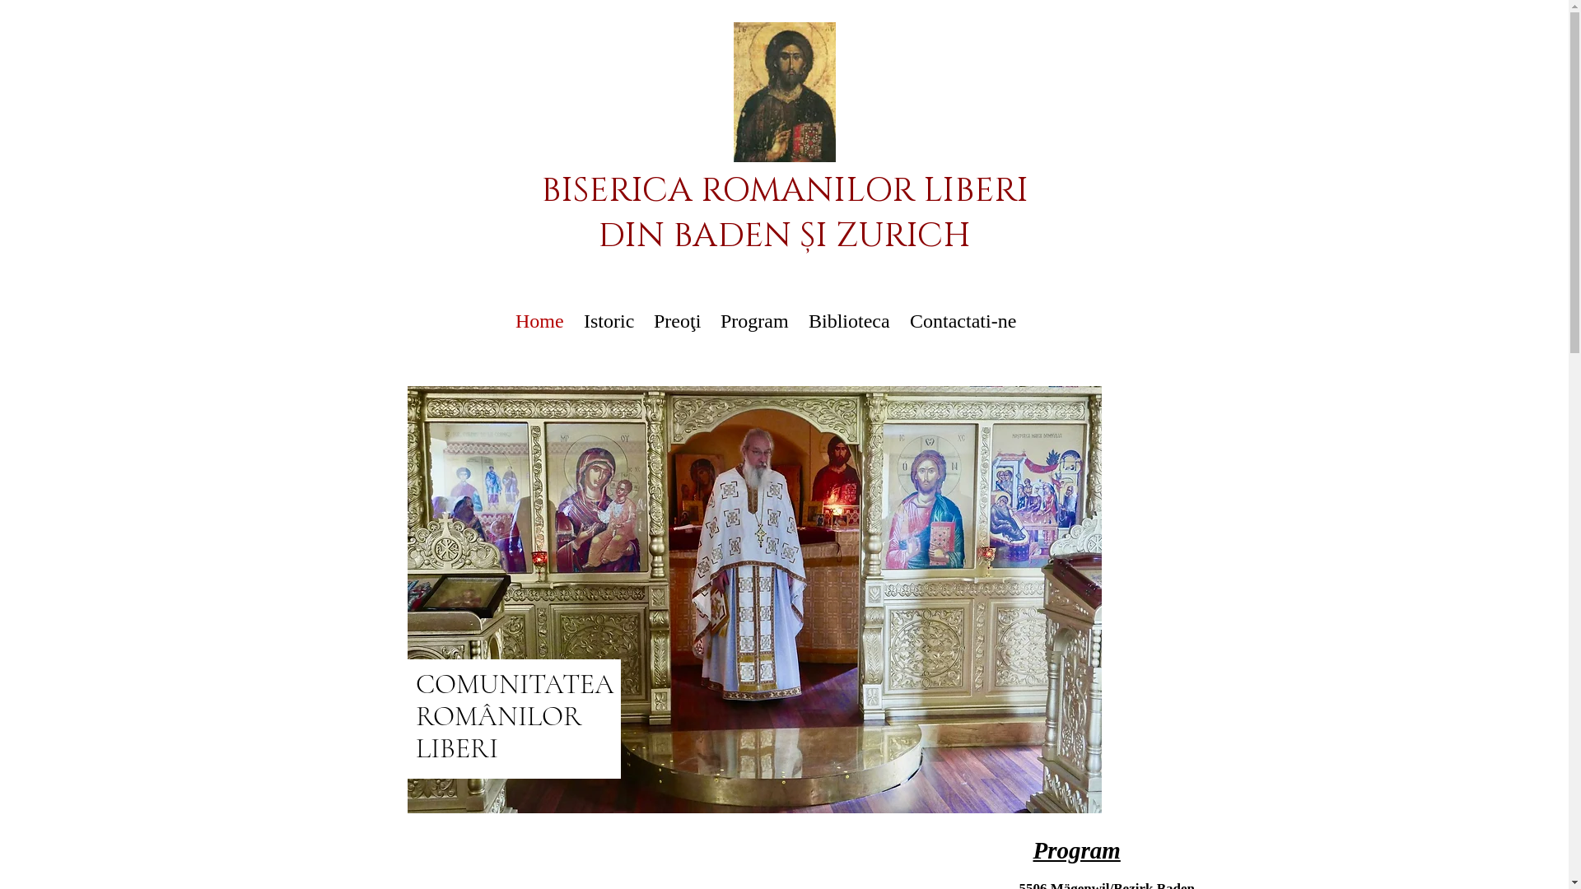 The width and height of the screenshot is (1581, 889). I want to click on 'Program', so click(753, 321).